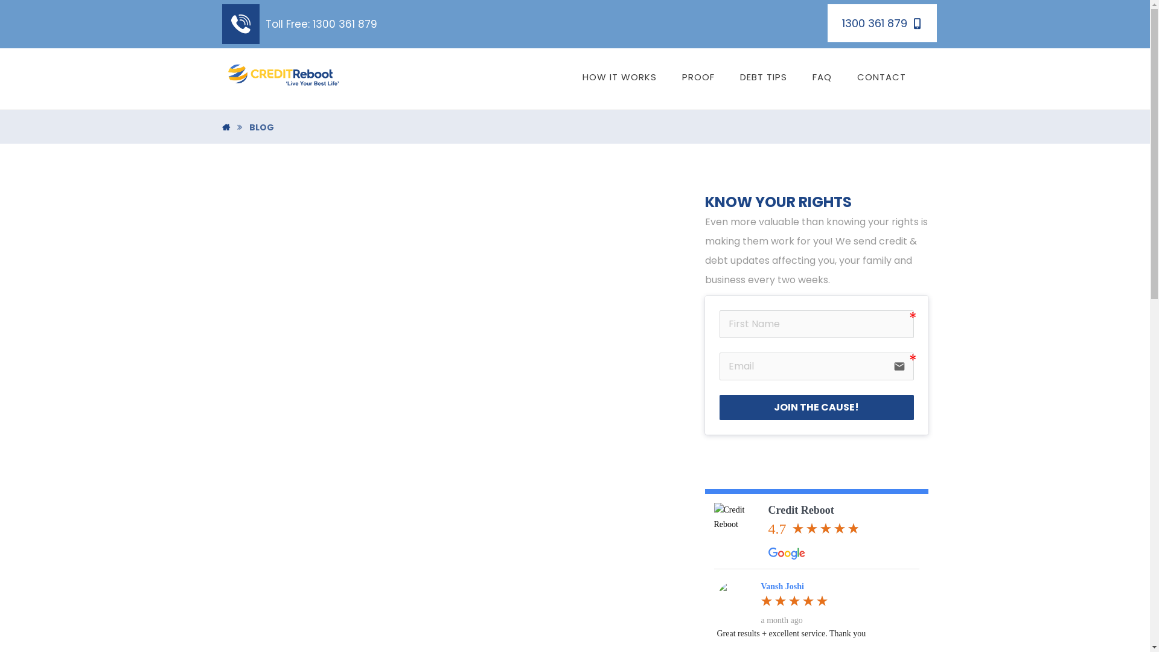 The image size is (1159, 652). I want to click on 'Credit Reboot', so click(737, 526).